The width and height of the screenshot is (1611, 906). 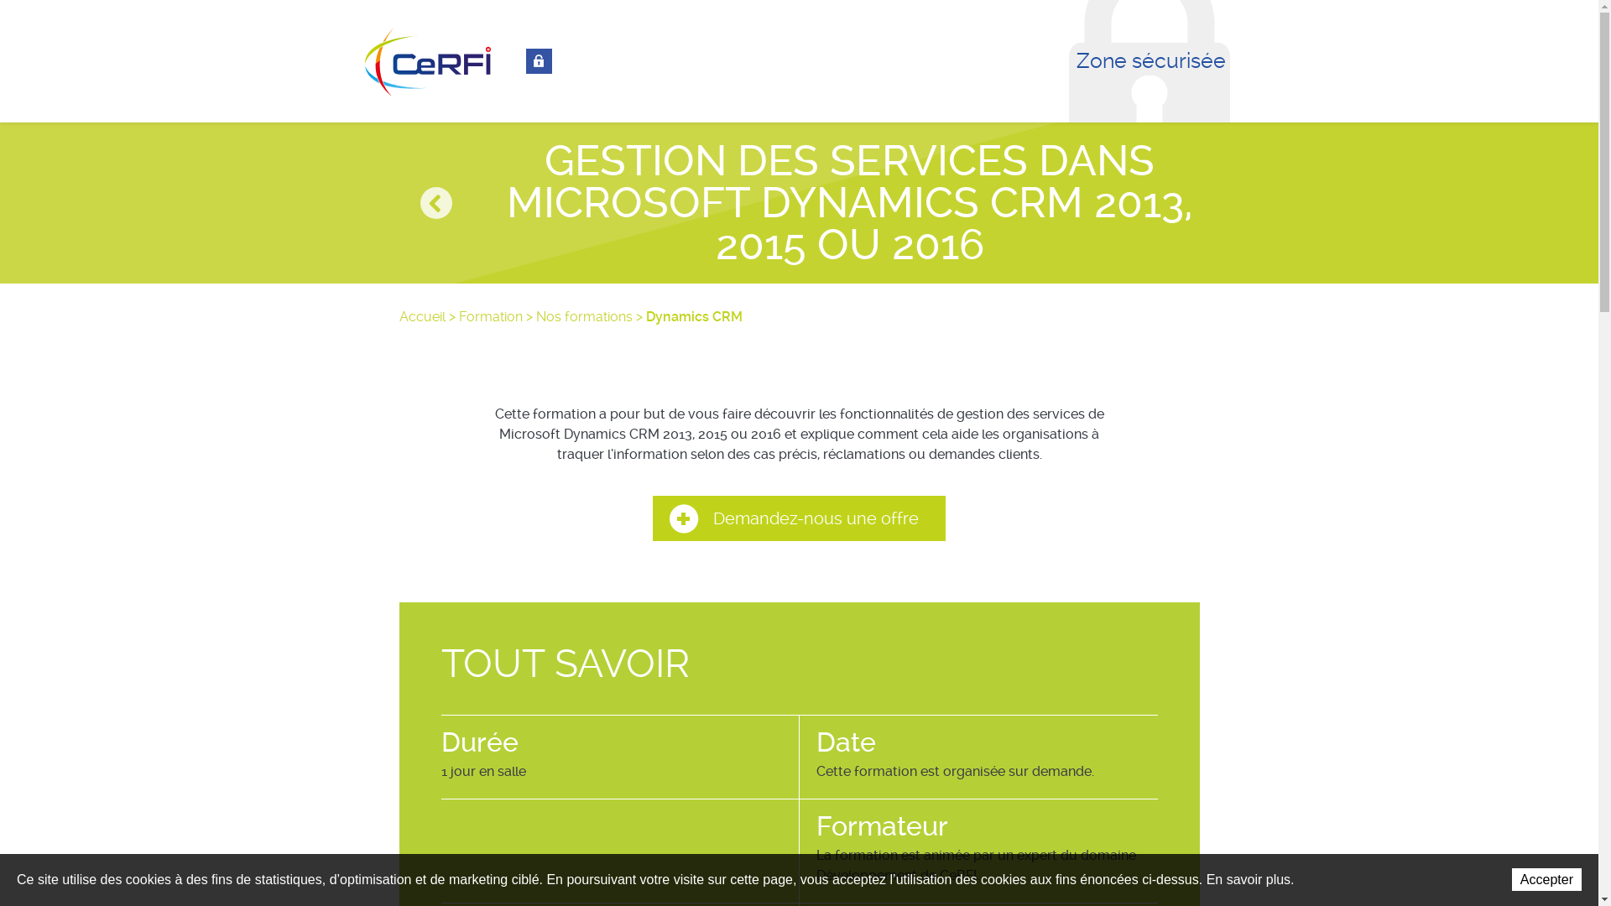 I want to click on 'Accueil', so click(x=422, y=316).